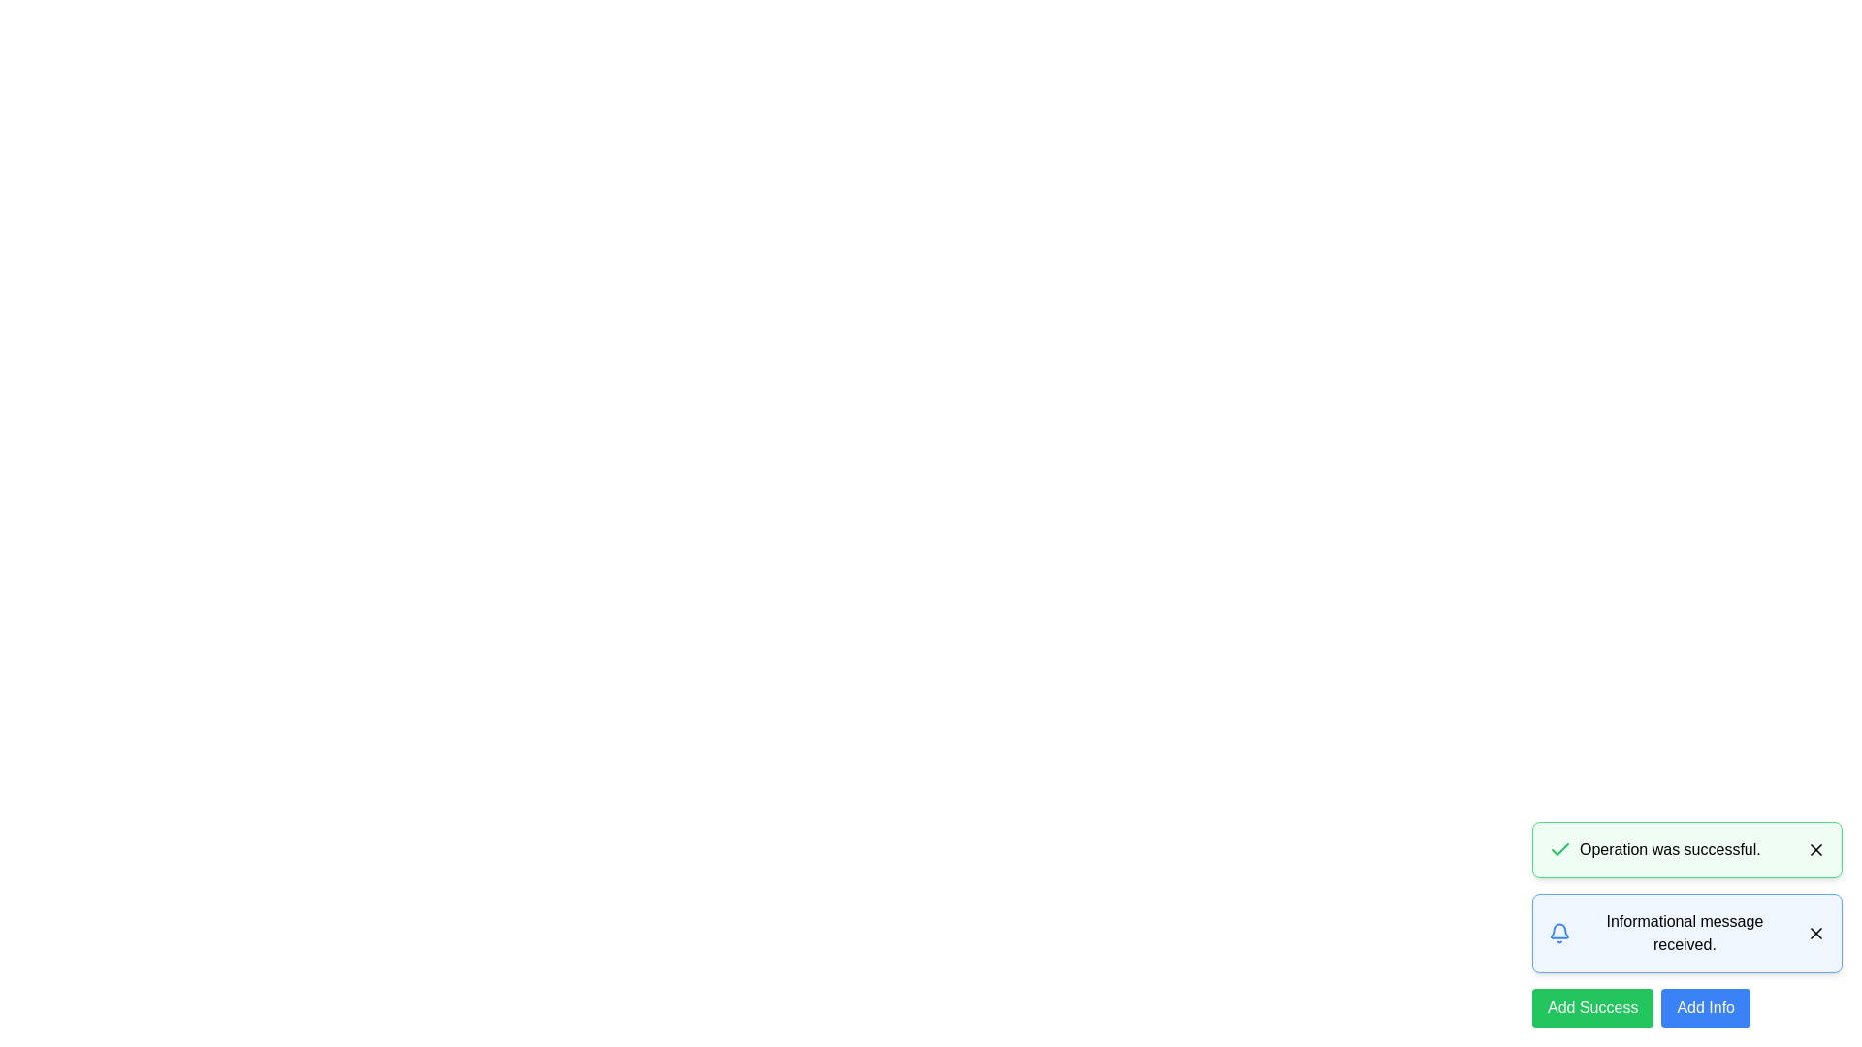  What do you see at coordinates (1559, 933) in the screenshot?
I see `the blue bell icon representing notifications, which is located within the light blue notification area next to the text 'Informational message received.'` at bounding box center [1559, 933].